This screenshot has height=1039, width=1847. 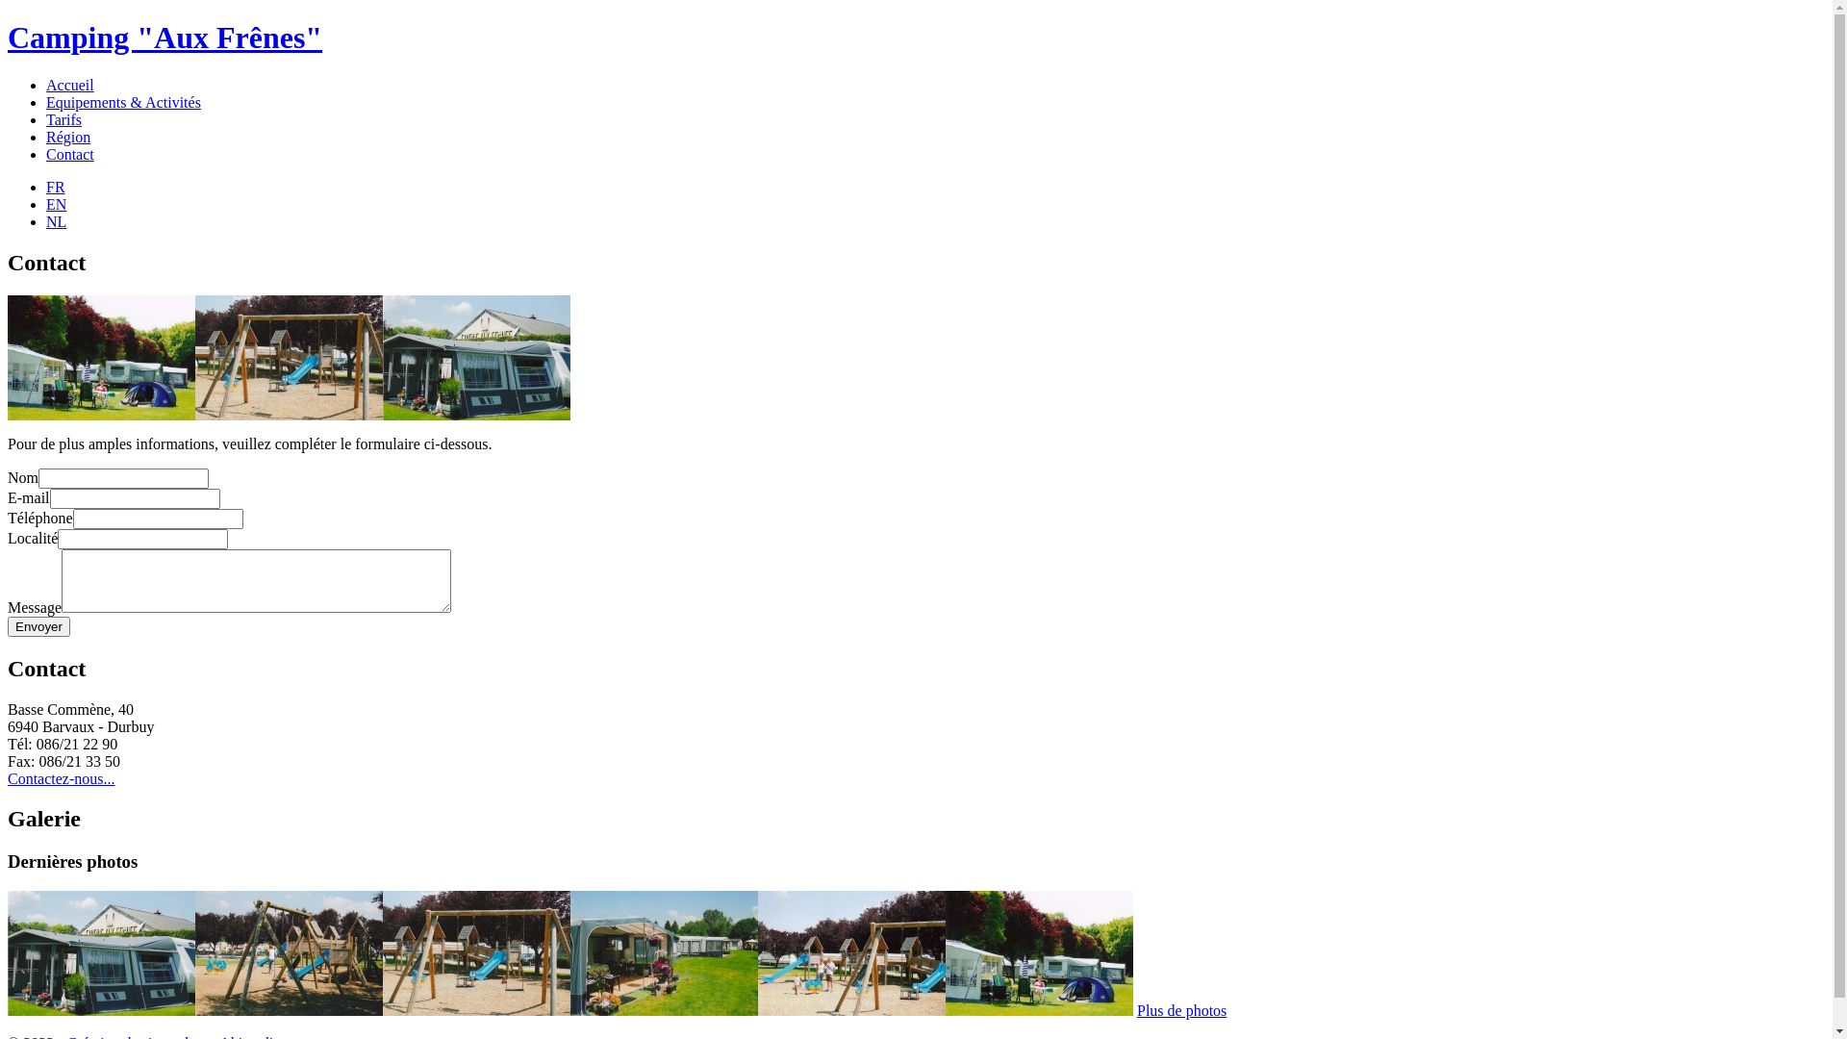 I want to click on 'Plaine de jeux', so click(x=850, y=1009).